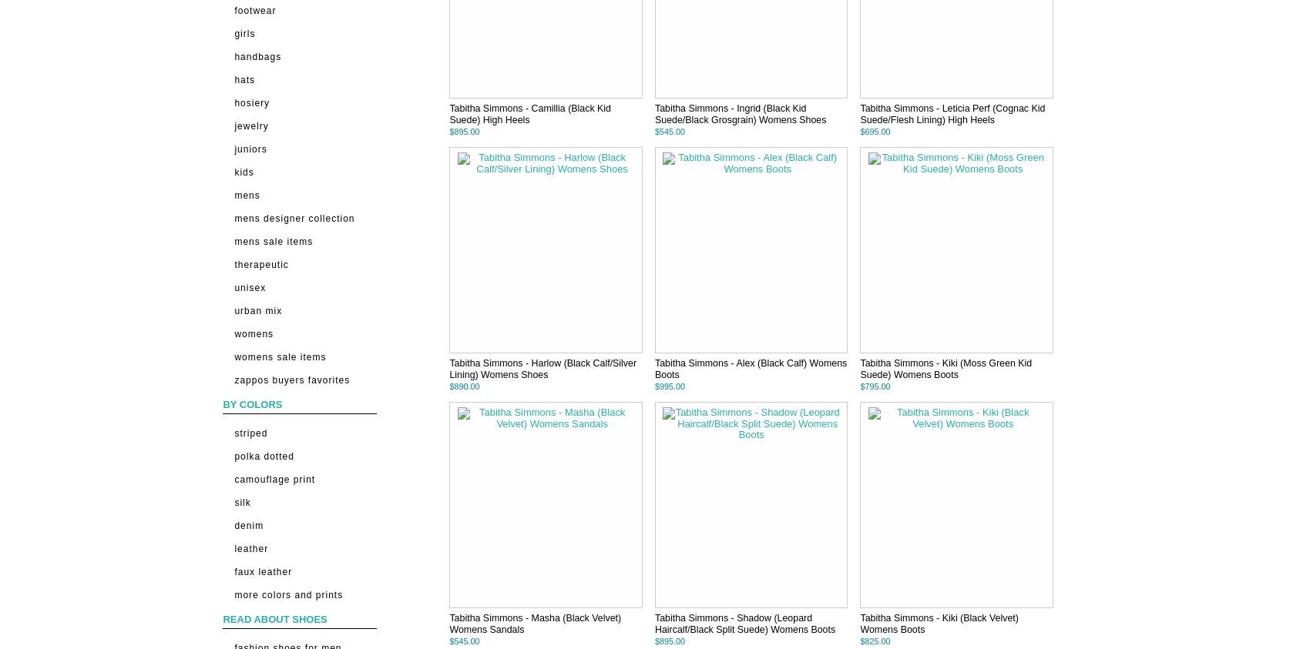 This screenshot has width=1310, height=649. What do you see at coordinates (244, 32) in the screenshot?
I see `'GIRLS'` at bounding box center [244, 32].